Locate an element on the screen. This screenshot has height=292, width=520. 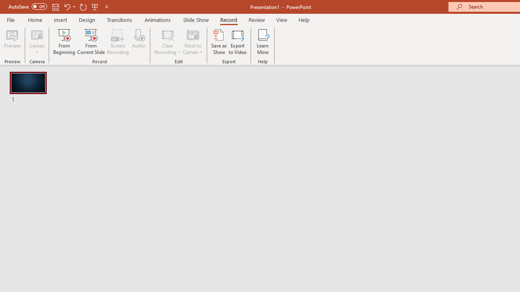
'Redo' is located at coordinates (83, 6).